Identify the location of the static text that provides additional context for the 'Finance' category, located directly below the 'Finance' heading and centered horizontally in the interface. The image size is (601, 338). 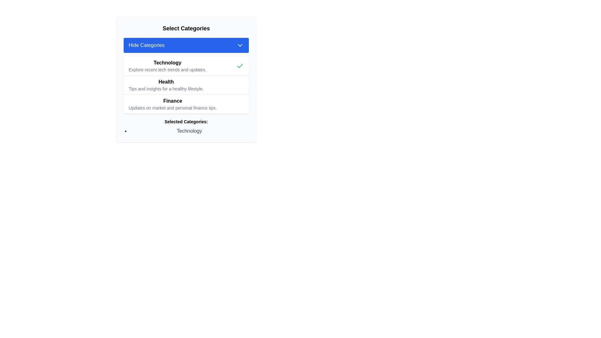
(172, 107).